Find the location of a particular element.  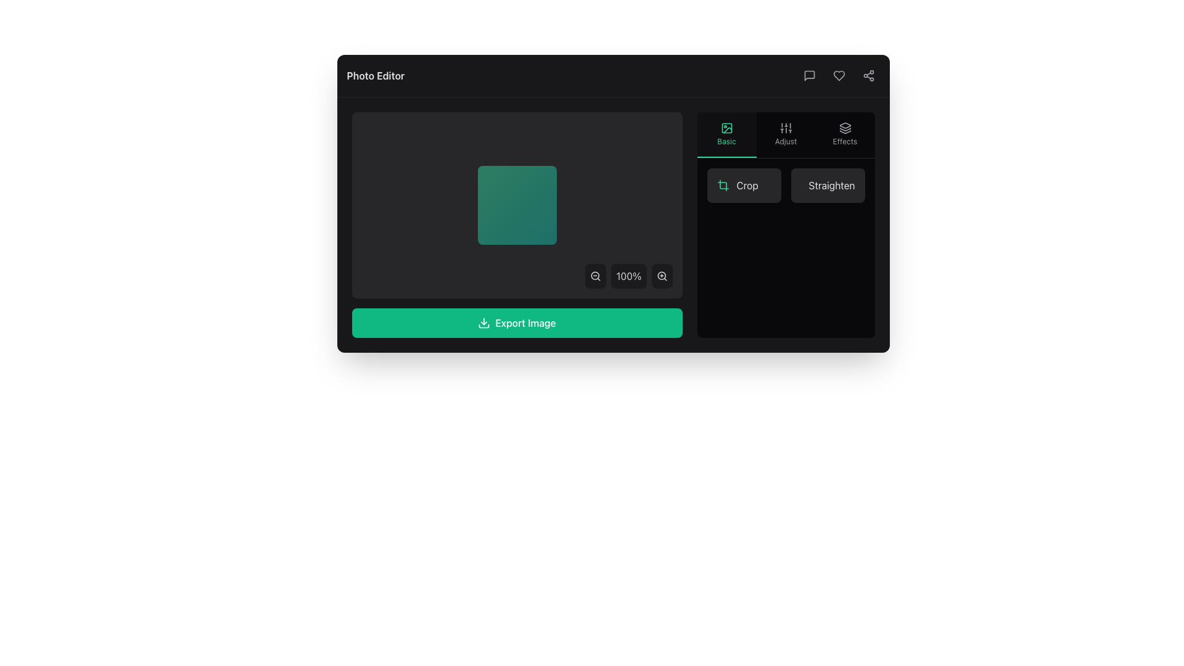

the circular decorative element of the zoom-out control icon, which is part of an SVG graphic icon is located at coordinates (595, 274).